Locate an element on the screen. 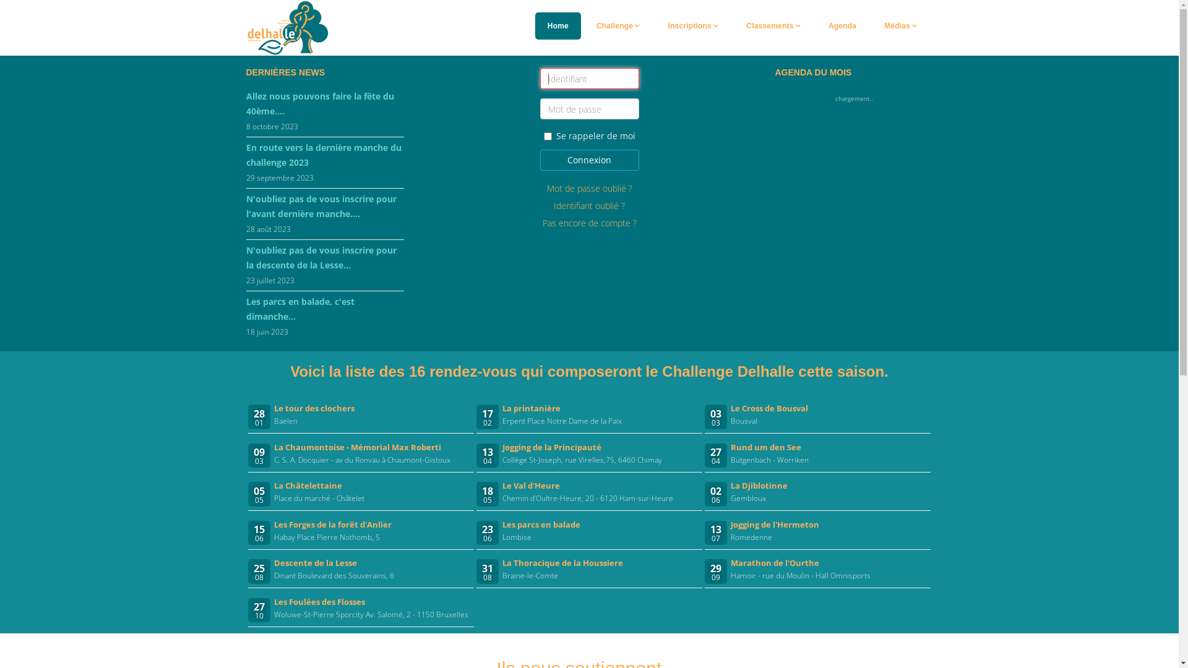 The image size is (1188, 668). 'Inscriptions' is located at coordinates (694, 26).